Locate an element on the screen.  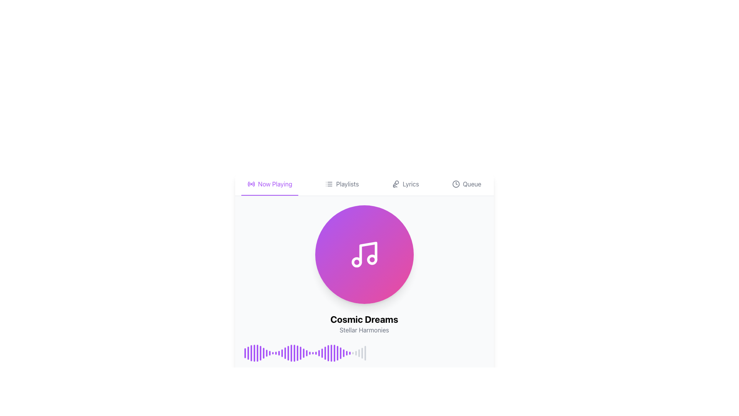
the 28th vertical purple bar in the waveform component located below the text 'Stellar Harmonies' is located at coordinates (328, 353).